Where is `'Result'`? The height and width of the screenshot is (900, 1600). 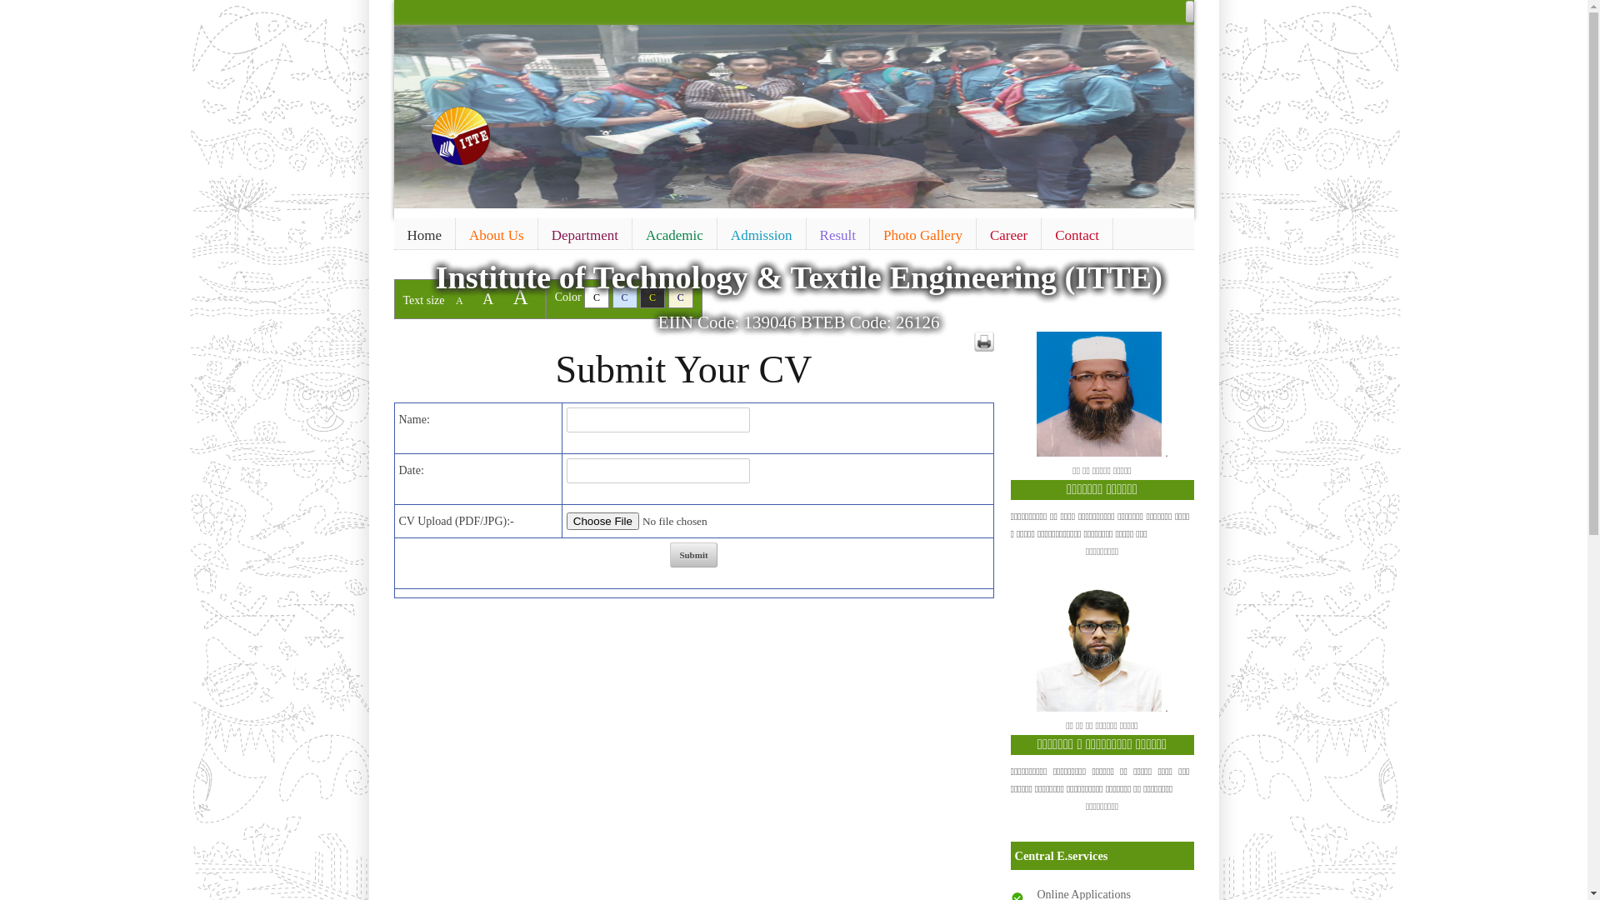 'Result' is located at coordinates (807, 235).